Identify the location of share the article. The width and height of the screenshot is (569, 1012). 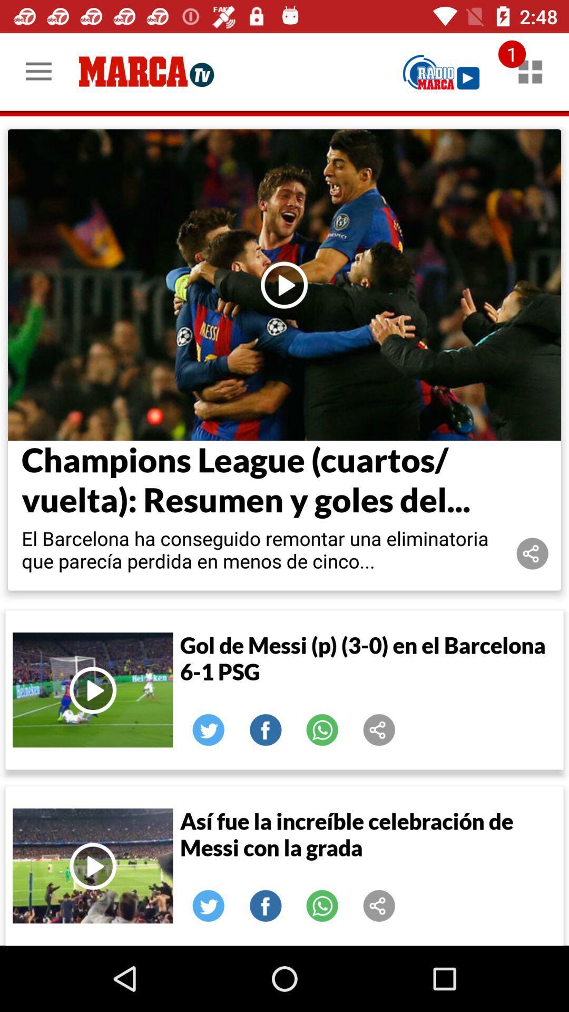
(379, 729).